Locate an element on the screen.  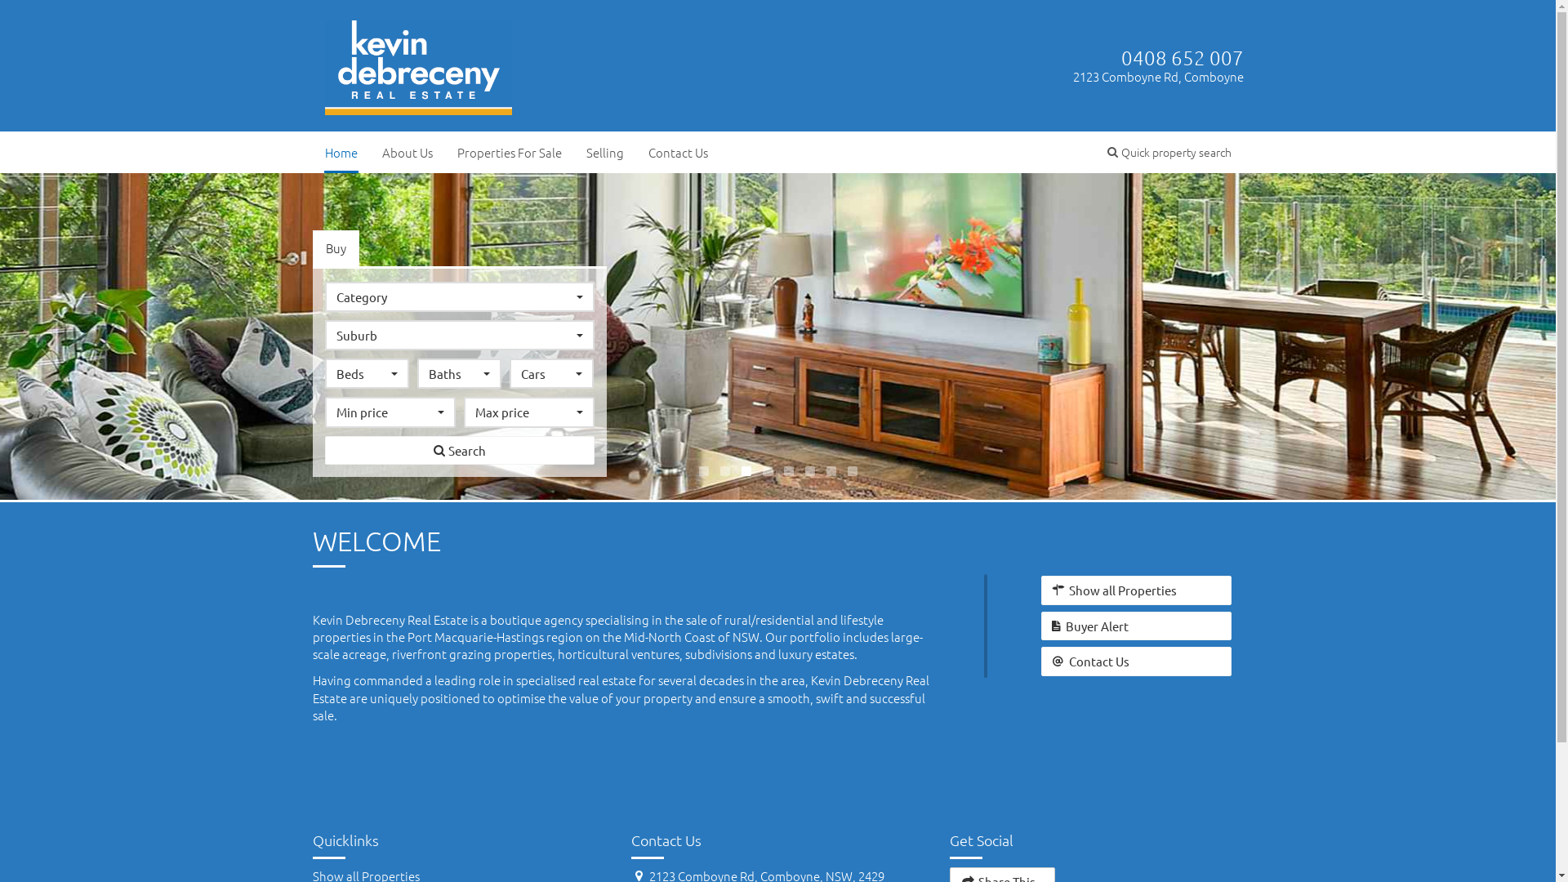
'Contact Us' is located at coordinates (677, 152).